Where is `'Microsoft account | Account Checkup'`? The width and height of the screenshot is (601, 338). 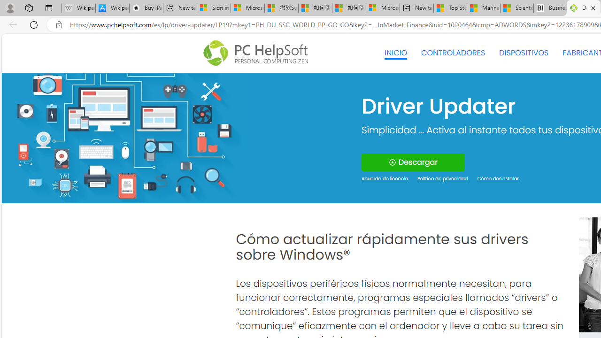
'Microsoft account | Account Checkup' is located at coordinates (383, 8).